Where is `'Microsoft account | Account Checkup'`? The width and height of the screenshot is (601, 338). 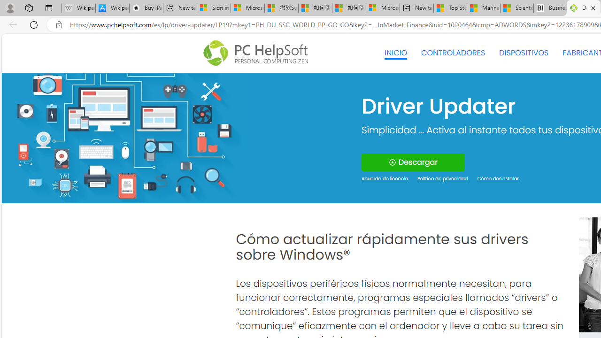
'Microsoft account | Account Checkup' is located at coordinates (383, 8).